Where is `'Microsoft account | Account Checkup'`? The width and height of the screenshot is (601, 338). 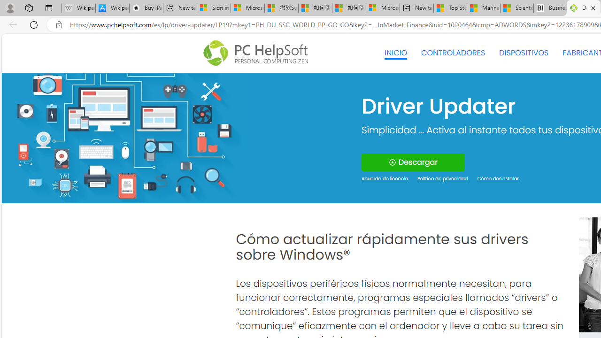
'Microsoft account | Account Checkup' is located at coordinates (383, 8).